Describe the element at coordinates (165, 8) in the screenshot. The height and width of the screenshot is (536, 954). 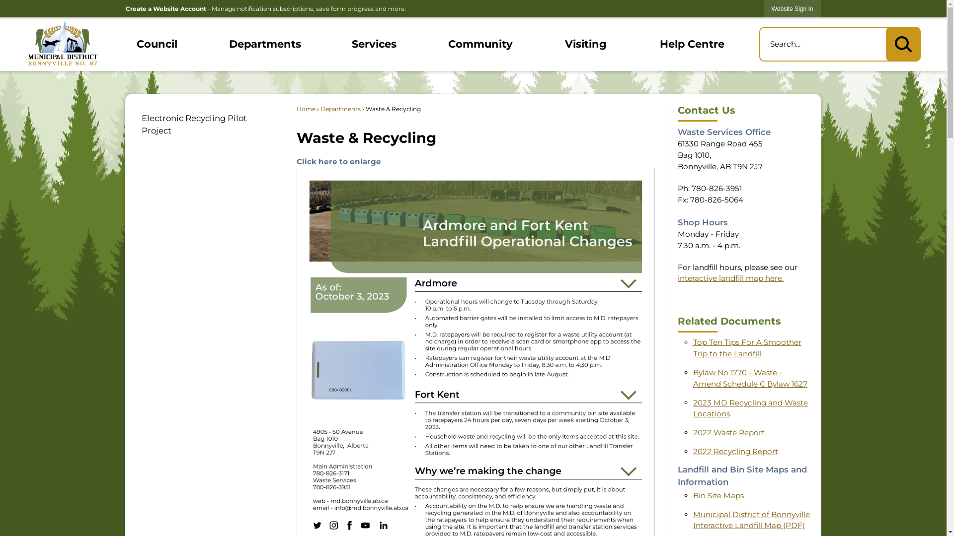
I see `'Create a Website Account'` at that location.